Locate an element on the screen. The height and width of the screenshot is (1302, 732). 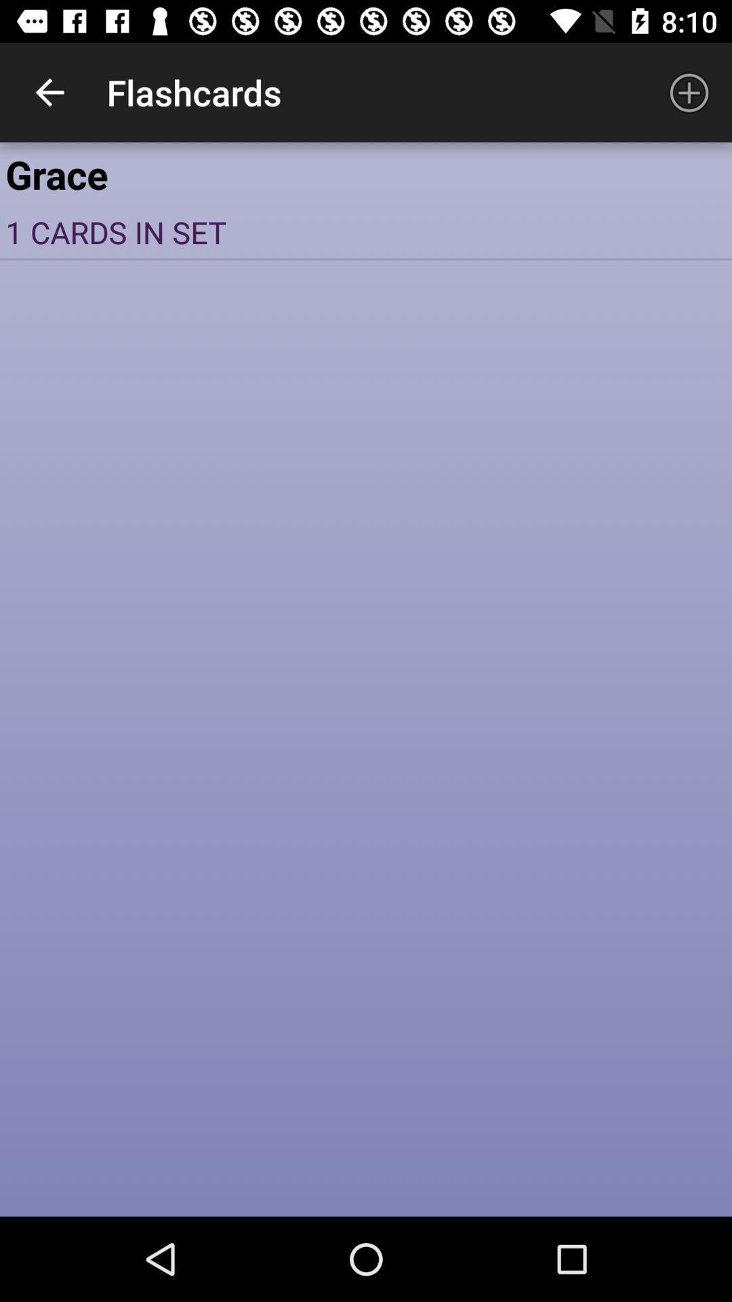
item below the grace is located at coordinates (366, 232).